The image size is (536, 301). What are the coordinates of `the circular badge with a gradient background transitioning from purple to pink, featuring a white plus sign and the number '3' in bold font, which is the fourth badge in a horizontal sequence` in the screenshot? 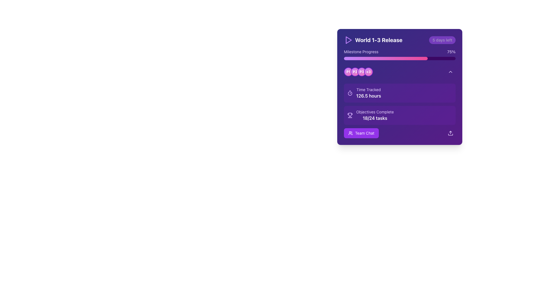 It's located at (368, 72).